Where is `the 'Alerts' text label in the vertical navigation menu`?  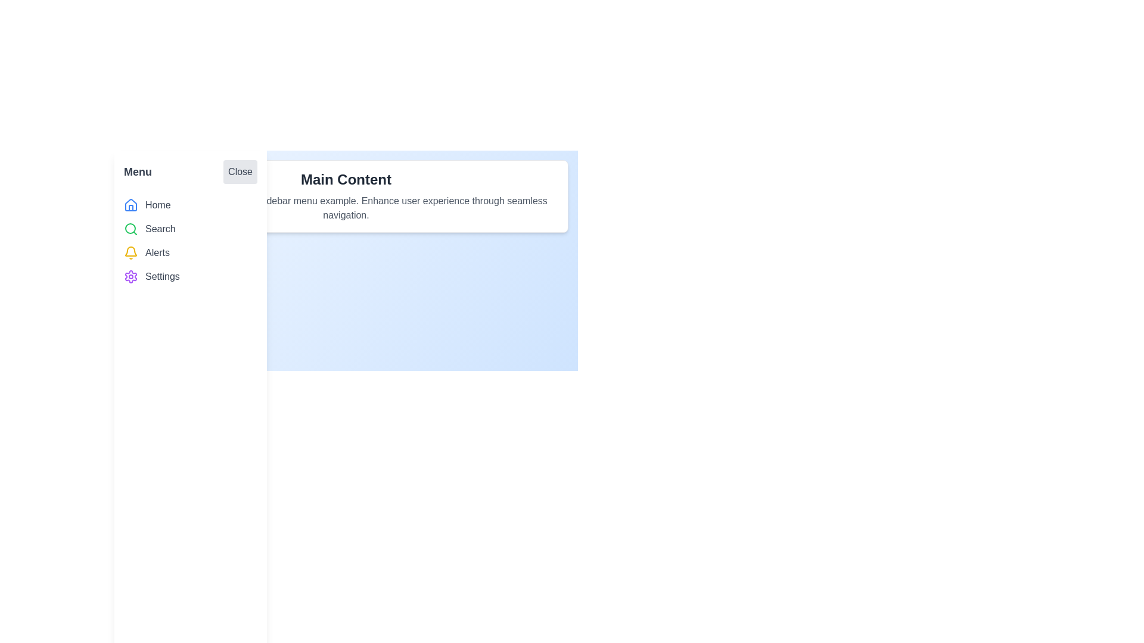
the 'Alerts' text label in the vertical navigation menu is located at coordinates (157, 252).